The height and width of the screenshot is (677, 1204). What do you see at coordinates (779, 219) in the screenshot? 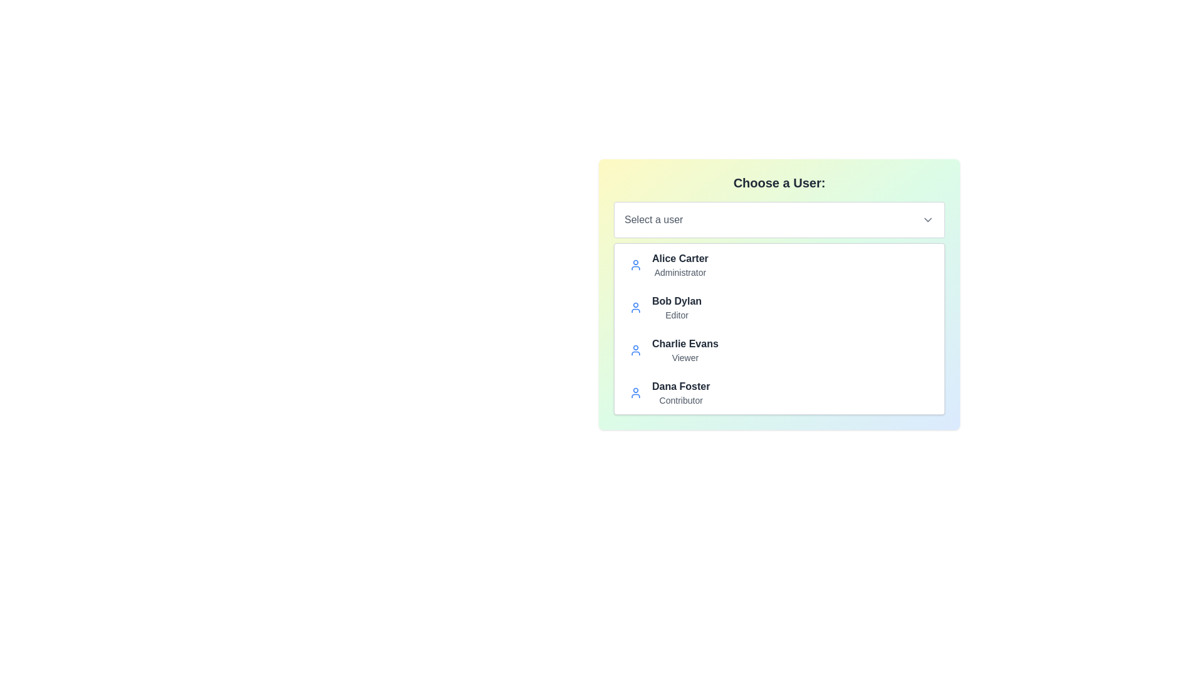
I see `the 'Select a user' dropdown trigger button` at bounding box center [779, 219].